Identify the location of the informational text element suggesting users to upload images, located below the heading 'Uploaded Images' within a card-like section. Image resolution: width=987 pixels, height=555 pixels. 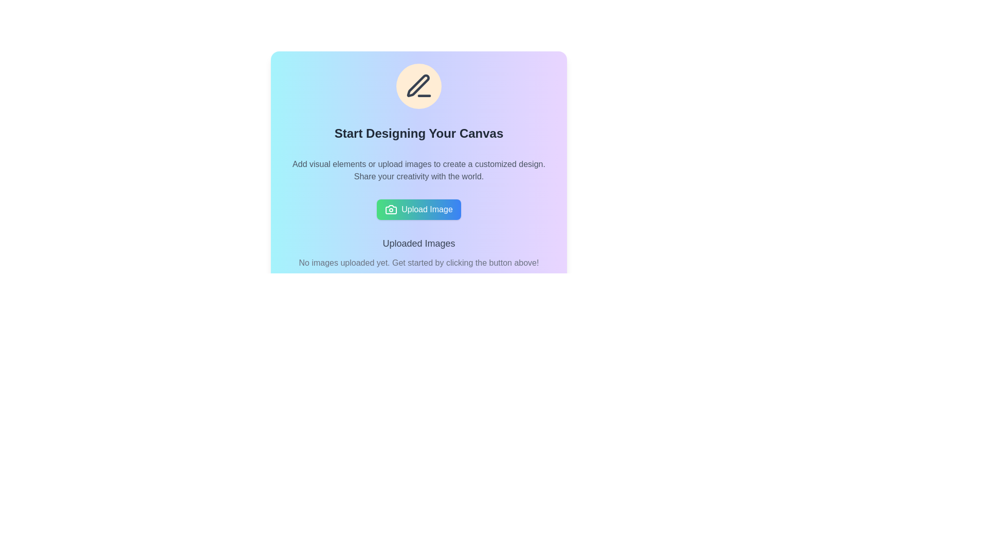
(419, 263).